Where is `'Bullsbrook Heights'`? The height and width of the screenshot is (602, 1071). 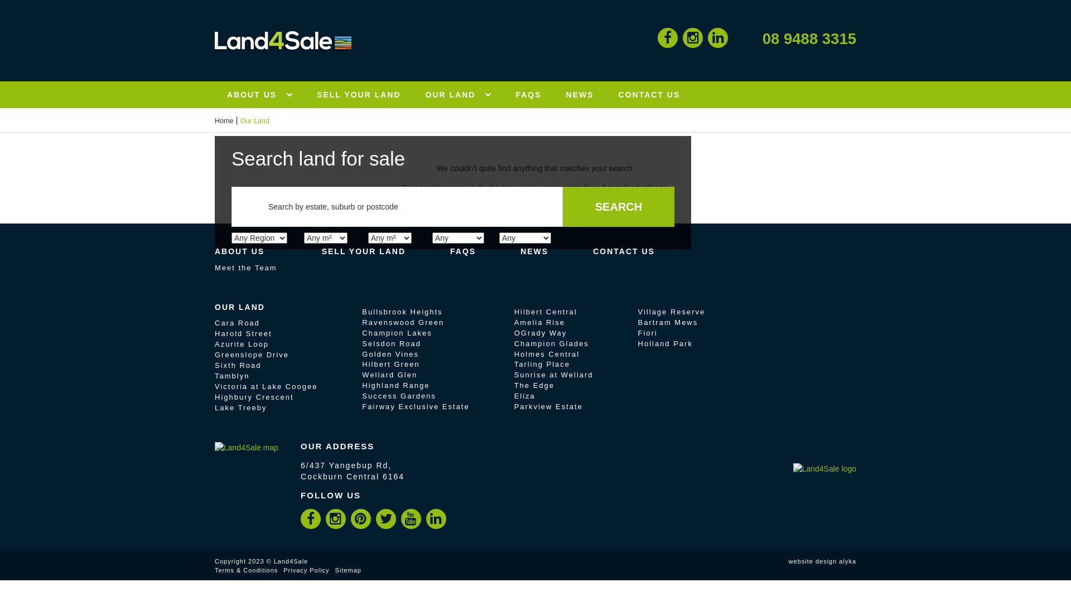 'Bullsbrook Heights' is located at coordinates (361, 312).